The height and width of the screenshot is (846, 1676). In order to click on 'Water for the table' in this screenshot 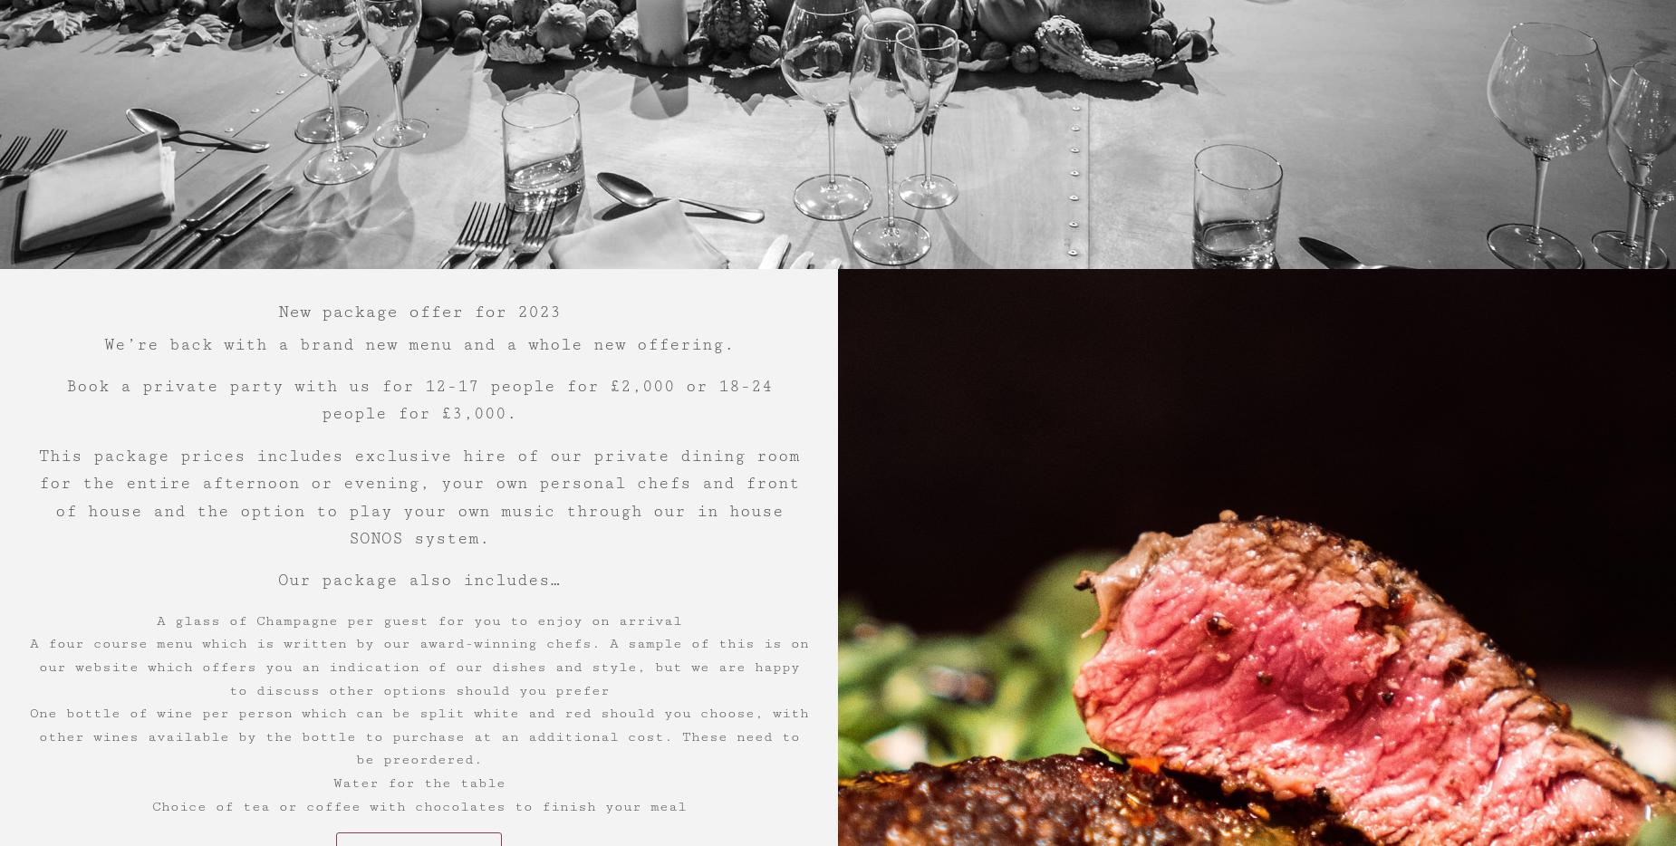, I will do `click(417, 781)`.